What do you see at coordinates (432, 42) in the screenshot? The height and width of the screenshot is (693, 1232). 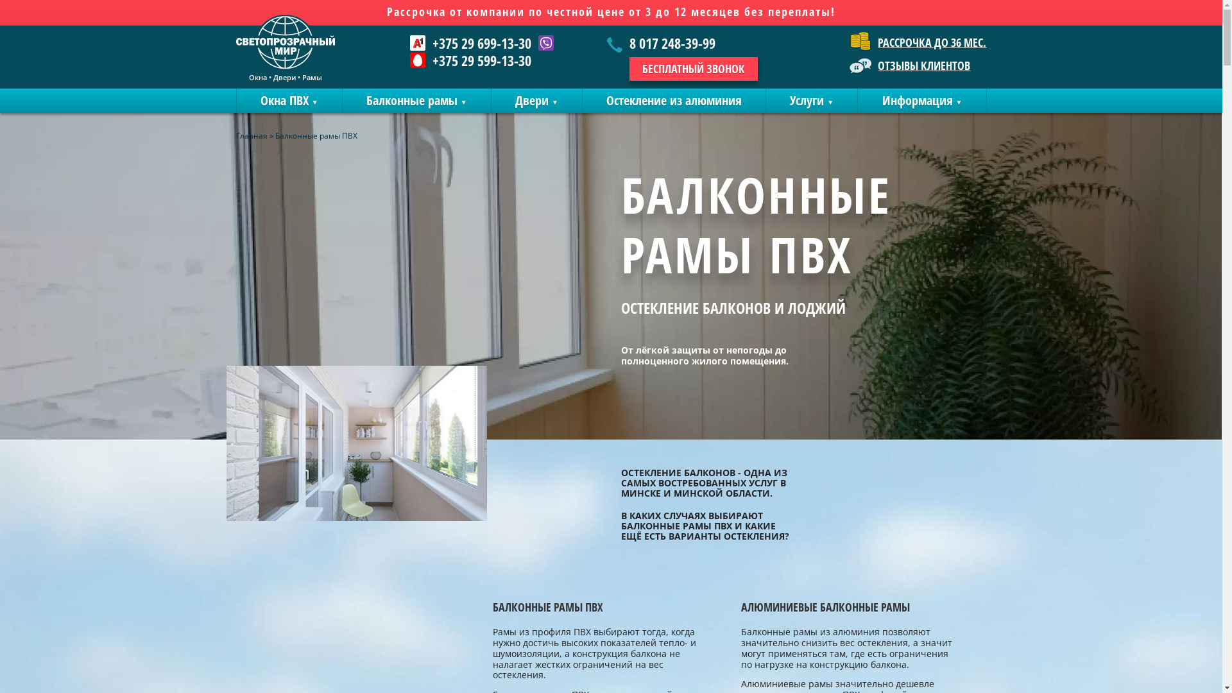 I see `'+375 29 699-13-30'` at bounding box center [432, 42].